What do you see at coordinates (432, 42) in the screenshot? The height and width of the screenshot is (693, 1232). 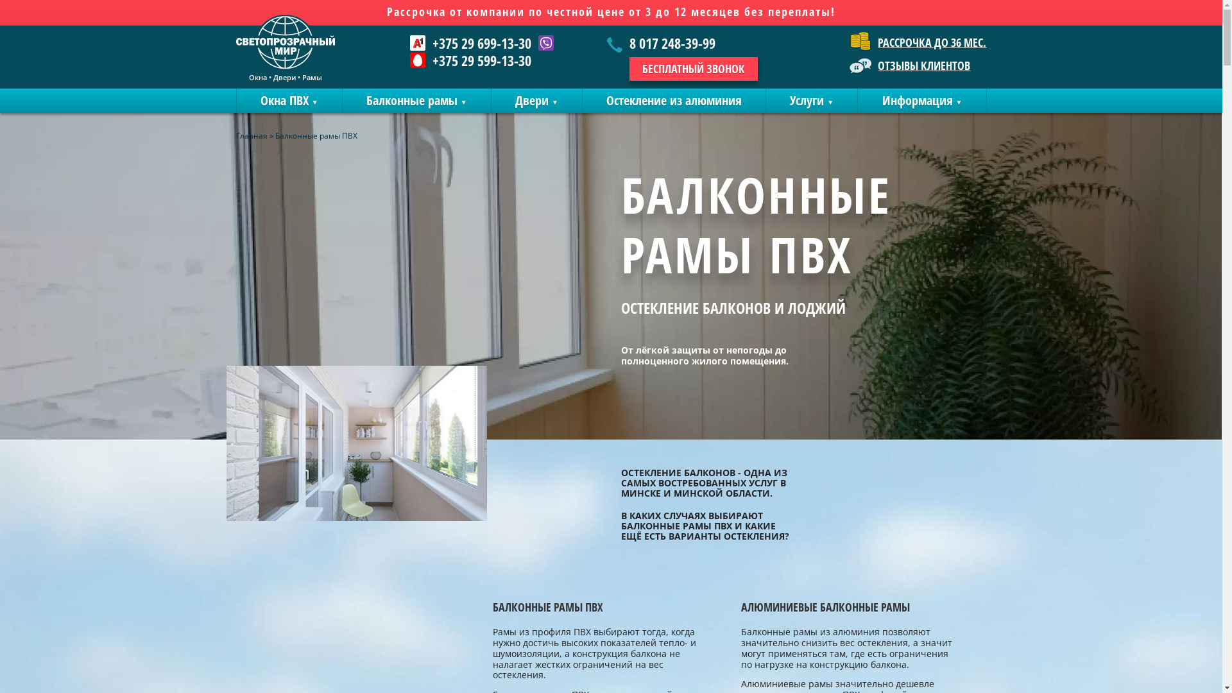 I see `'+375 29 699-13-30'` at bounding box center [432, 42].